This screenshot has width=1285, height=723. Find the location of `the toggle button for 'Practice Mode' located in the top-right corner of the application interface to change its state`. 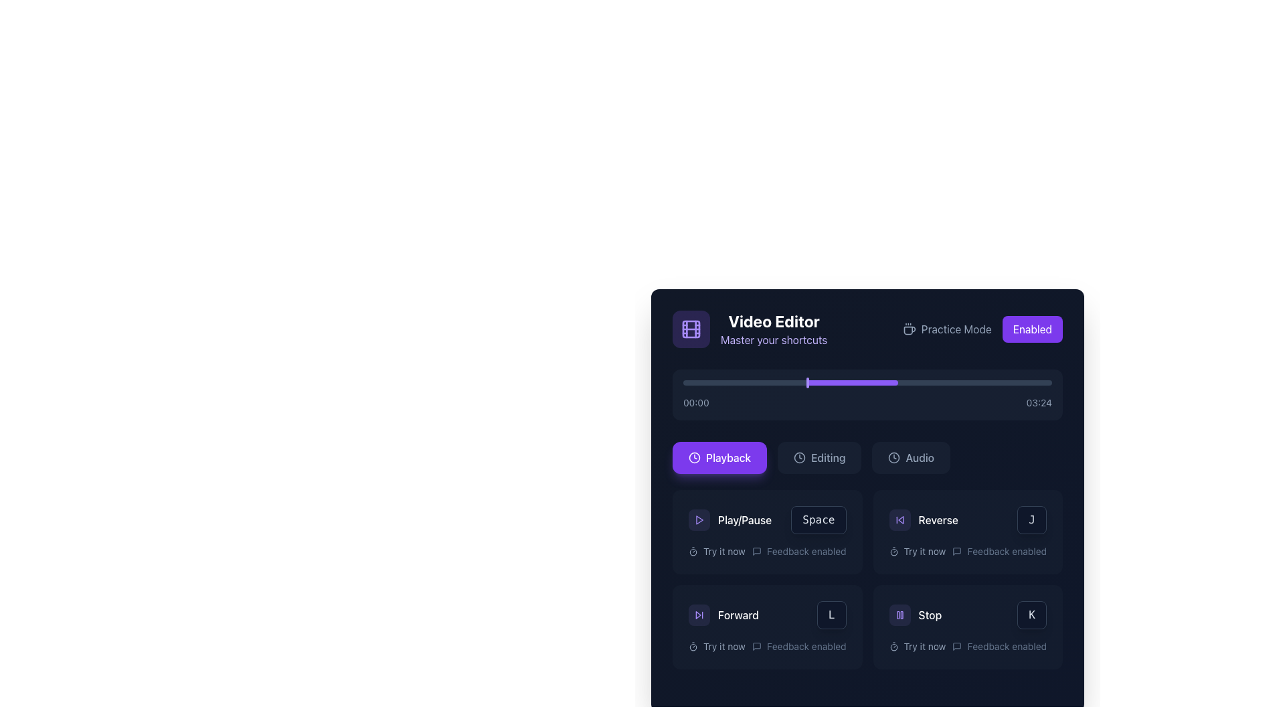

the toggle button for 'Practice Mode' located in the top-right corner of the application interface to change its state is located at coordinates (1031, 329).